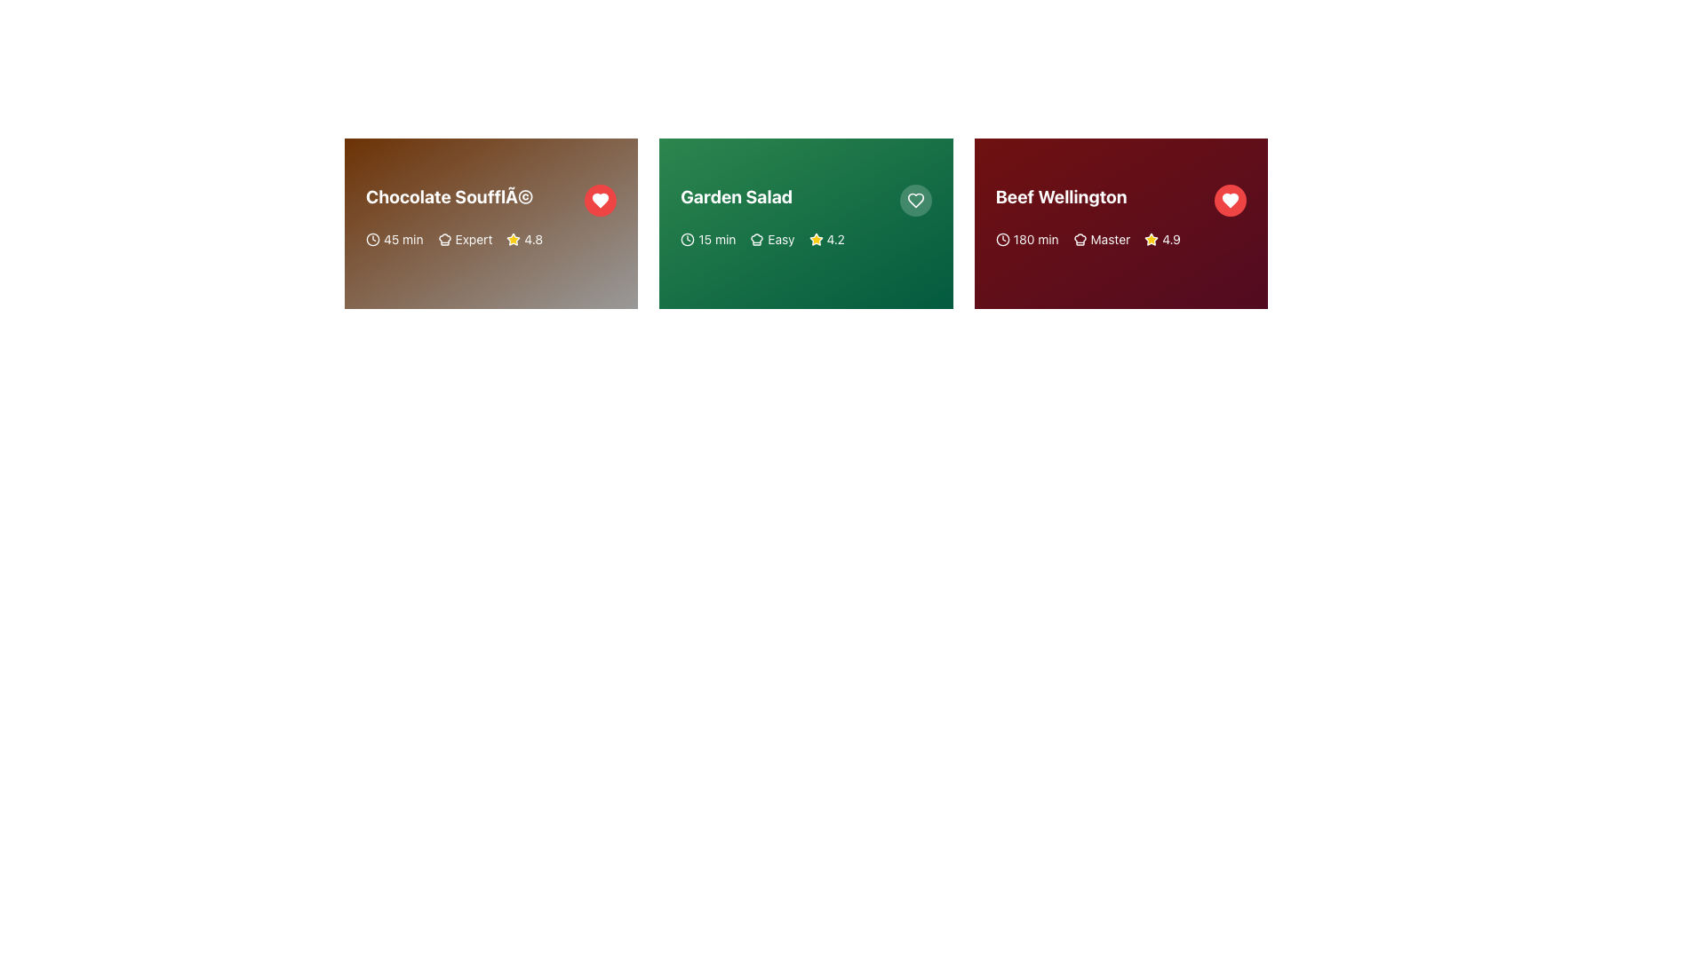 The image size is (1706, 959). What do you see at coordinates (805, 200) in the screenshot?
I see `the 'Garden Salad' recipe text header element, which is located at the top-left region of the card layout` at bounding box center [805, 200].